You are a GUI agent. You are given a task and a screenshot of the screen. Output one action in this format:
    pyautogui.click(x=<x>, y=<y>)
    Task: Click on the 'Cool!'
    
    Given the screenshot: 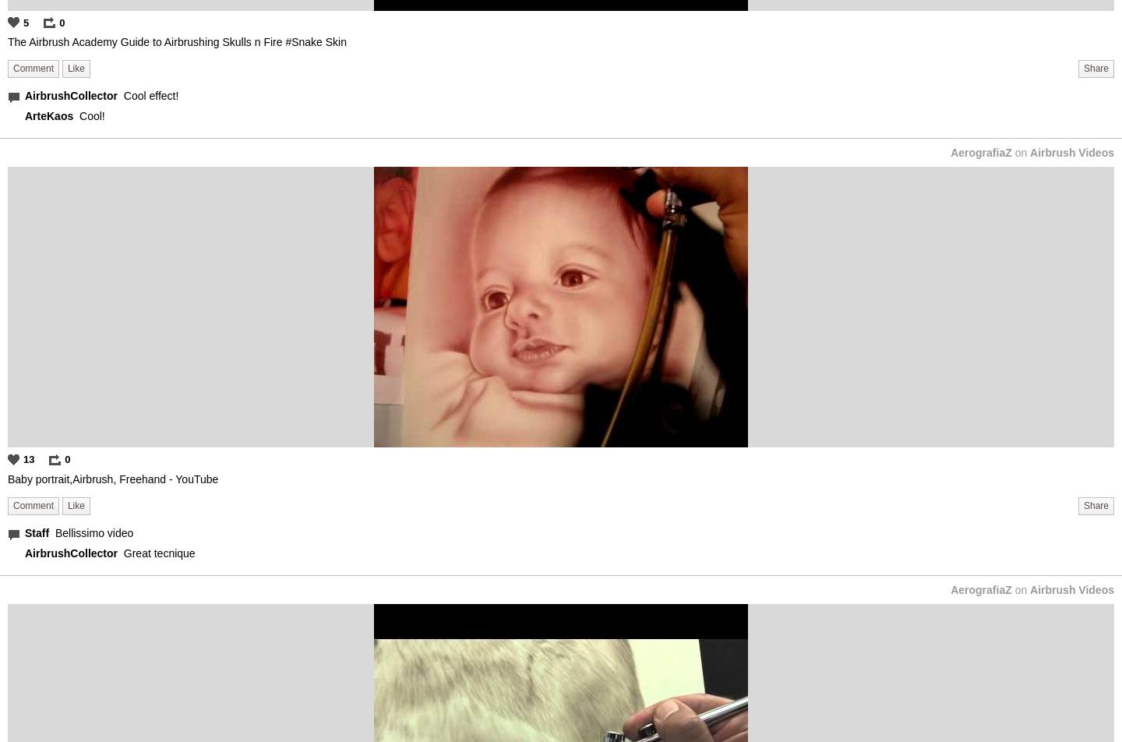 What is the action you would take?
    pyautogui.click(x=91, y=115)
    